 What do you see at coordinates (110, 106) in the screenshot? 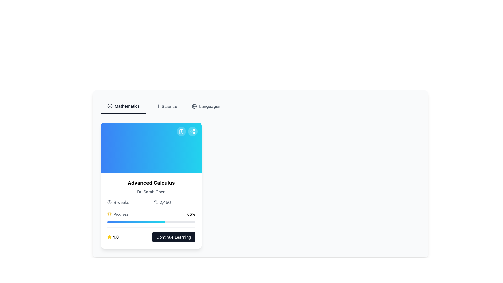
I see `the small stylized brain outline icon located to the left of the 'Mathematics' text for more information` at bounding box center [110, 106].